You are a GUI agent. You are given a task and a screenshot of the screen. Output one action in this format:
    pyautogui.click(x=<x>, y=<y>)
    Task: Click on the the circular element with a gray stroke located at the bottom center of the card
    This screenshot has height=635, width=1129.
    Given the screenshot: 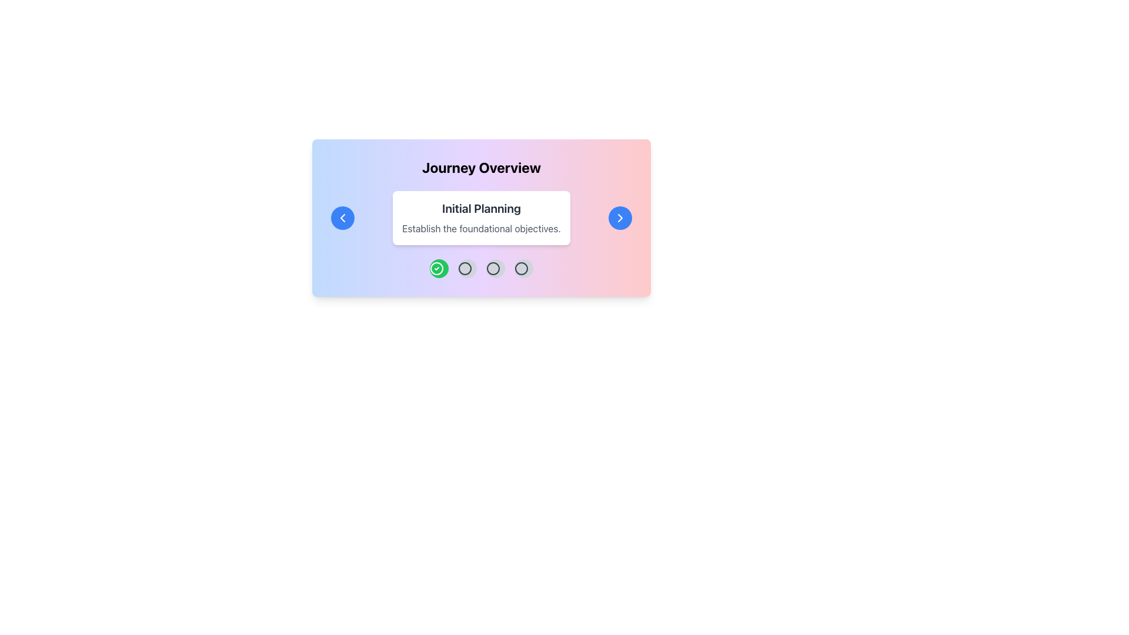 What is the action you would take?
    pyautogui.click(x=521, y=268)
    